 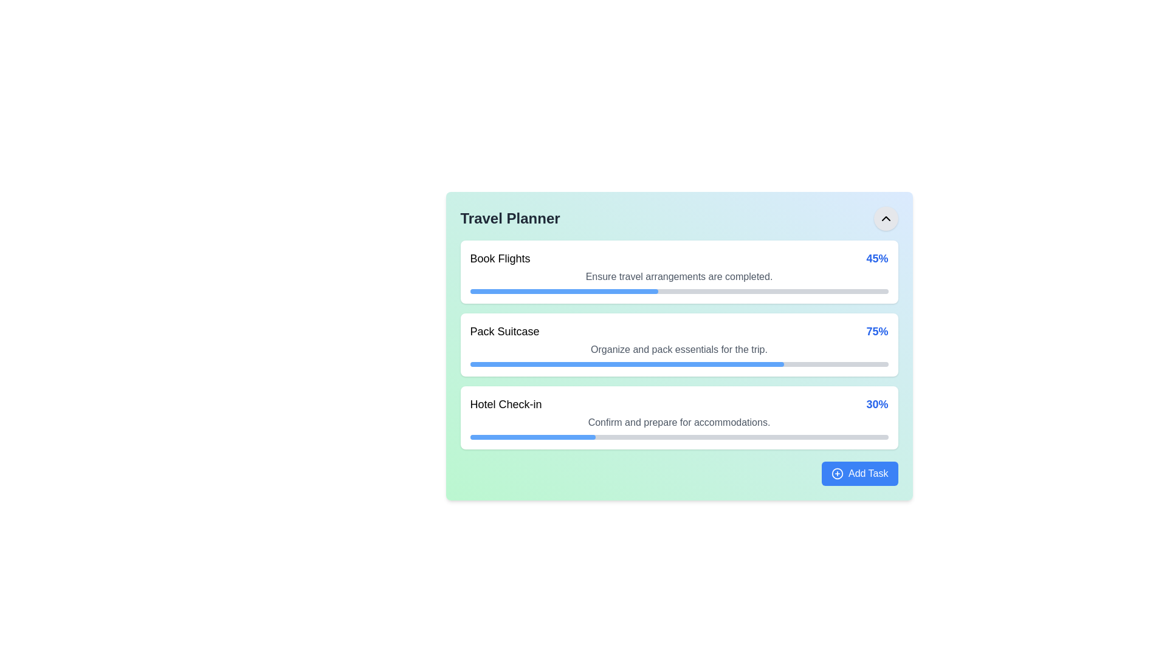 I want to click on the text label that reads 'Confirm and prepare for accommodations.' located beneath the 'Hotel Check-in' heading, so click(x=678, y=422).